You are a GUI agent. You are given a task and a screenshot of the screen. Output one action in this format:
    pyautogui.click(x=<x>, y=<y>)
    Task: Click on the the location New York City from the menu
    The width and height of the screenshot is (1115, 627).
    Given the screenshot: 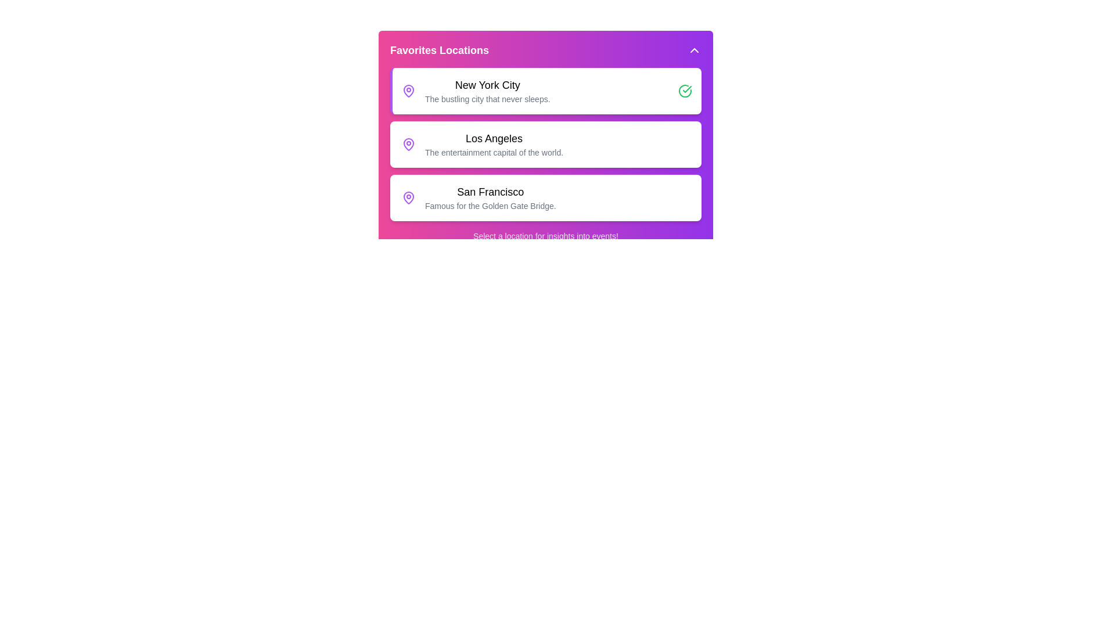 What is the action you would take?
    pyautogui.click(x=545, y=91)
    